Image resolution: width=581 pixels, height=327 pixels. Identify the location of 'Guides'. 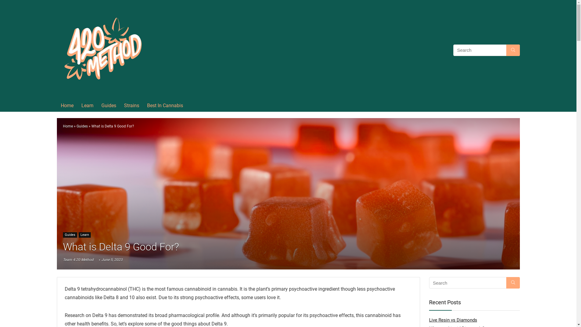
(63, 234).